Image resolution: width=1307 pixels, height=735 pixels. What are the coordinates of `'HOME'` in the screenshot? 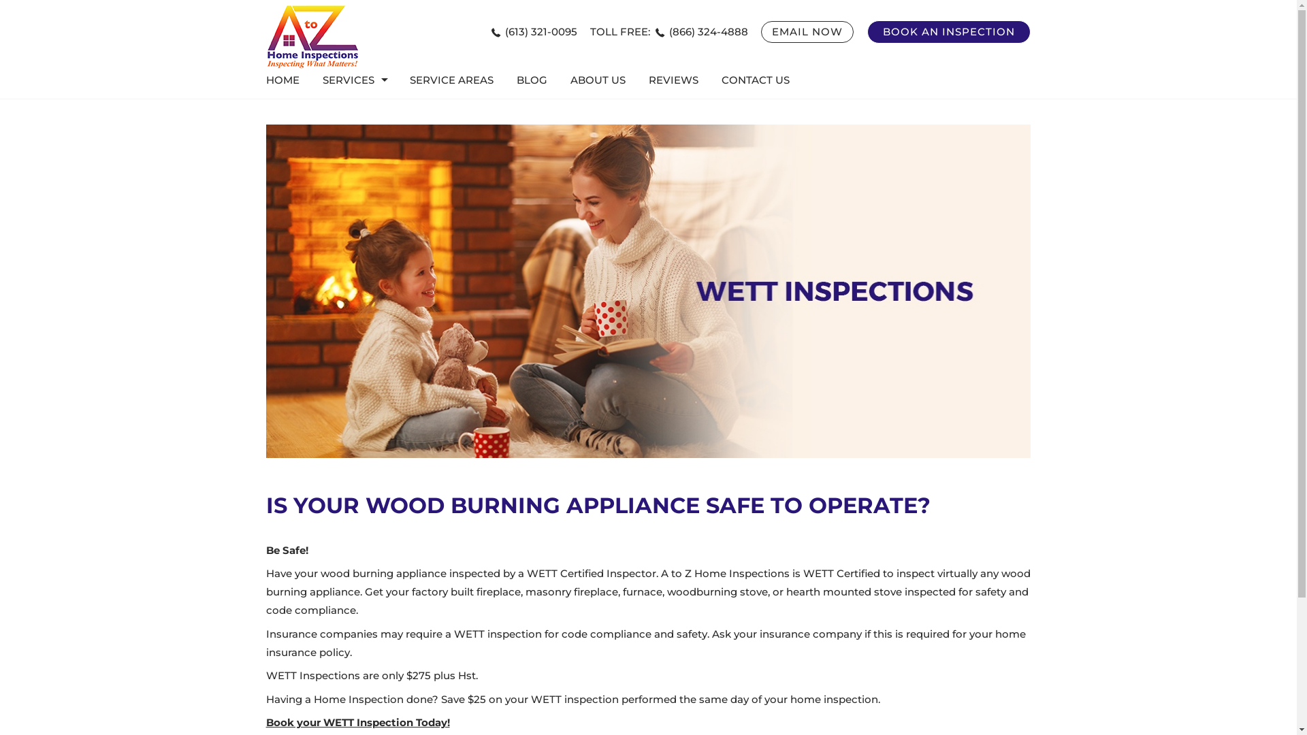 It's located at (287, 80).